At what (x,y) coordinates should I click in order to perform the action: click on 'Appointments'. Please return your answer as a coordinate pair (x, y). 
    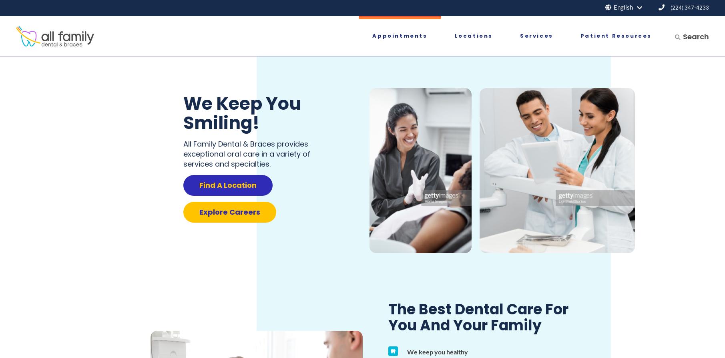
    Looking at the image, I should click on (372, 36).